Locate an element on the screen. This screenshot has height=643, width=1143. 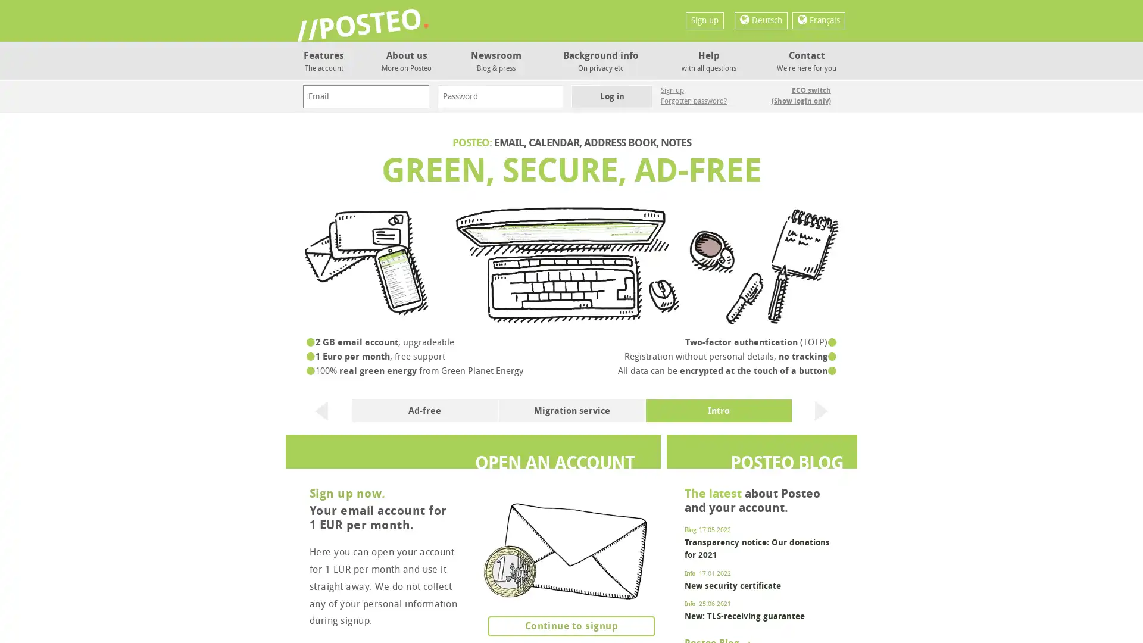
Log in is located at coordinates (611, 96).